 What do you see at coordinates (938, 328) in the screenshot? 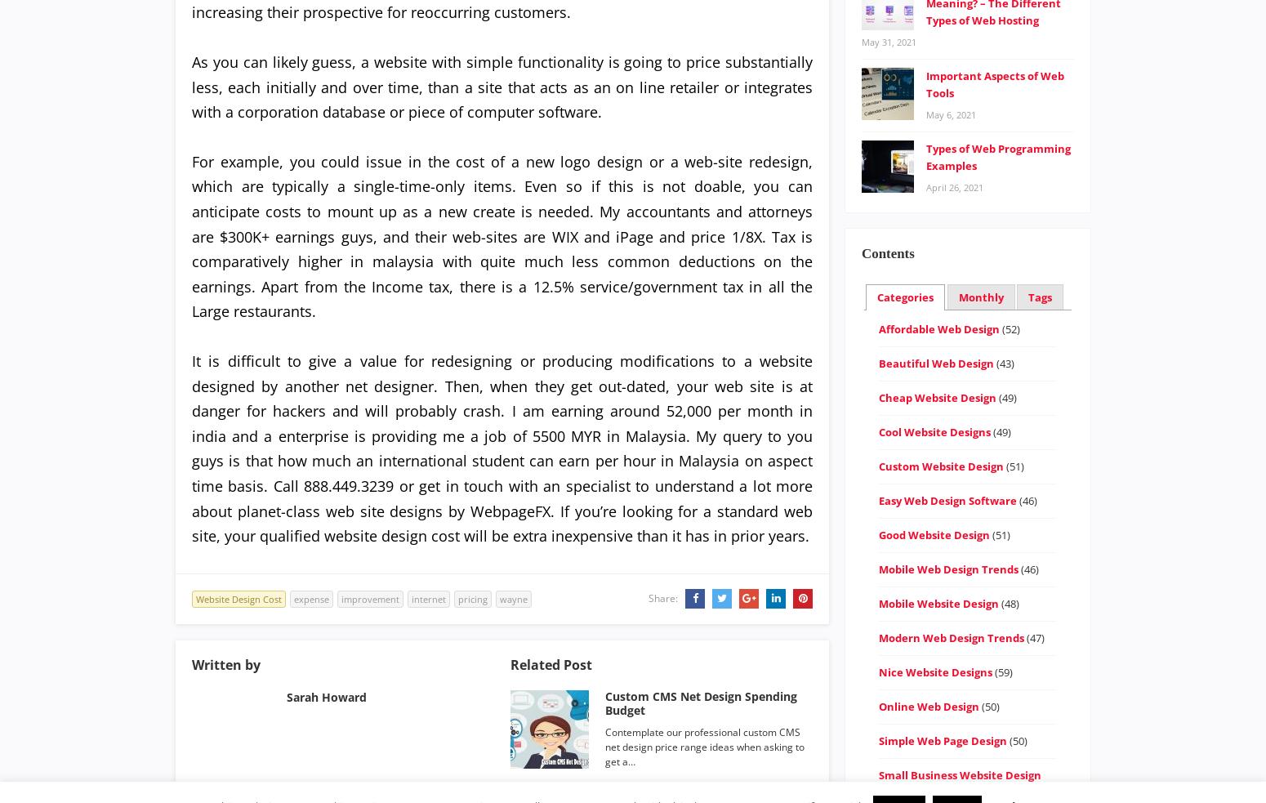
I see `'Affordable Web Design'` at bounding box center [938, 328].